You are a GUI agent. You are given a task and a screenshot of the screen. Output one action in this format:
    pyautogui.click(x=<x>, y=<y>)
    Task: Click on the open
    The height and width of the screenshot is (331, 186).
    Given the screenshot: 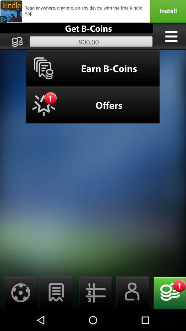 What is the action you would take?
    pyautogui.click(x=55, y=292)
    